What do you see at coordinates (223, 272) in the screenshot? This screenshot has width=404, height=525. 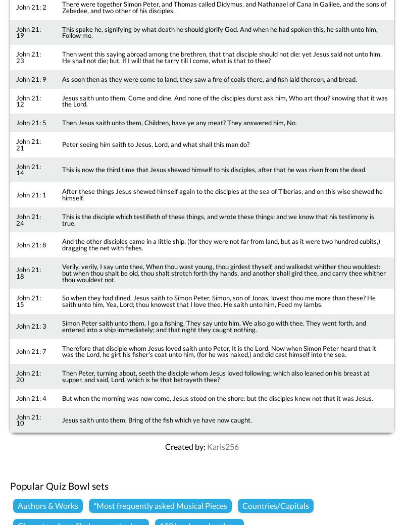 I see `'Verily, verily, I say unto thee, When thou wast young, thou girdest thyself, and walkedst whither thou wouldest: but when thou shalt be old, thou shalt stretch forth thy hands, and another shall gird thee, and carry thee whither thou wouldest not.'` at bounding box center [223, 272].